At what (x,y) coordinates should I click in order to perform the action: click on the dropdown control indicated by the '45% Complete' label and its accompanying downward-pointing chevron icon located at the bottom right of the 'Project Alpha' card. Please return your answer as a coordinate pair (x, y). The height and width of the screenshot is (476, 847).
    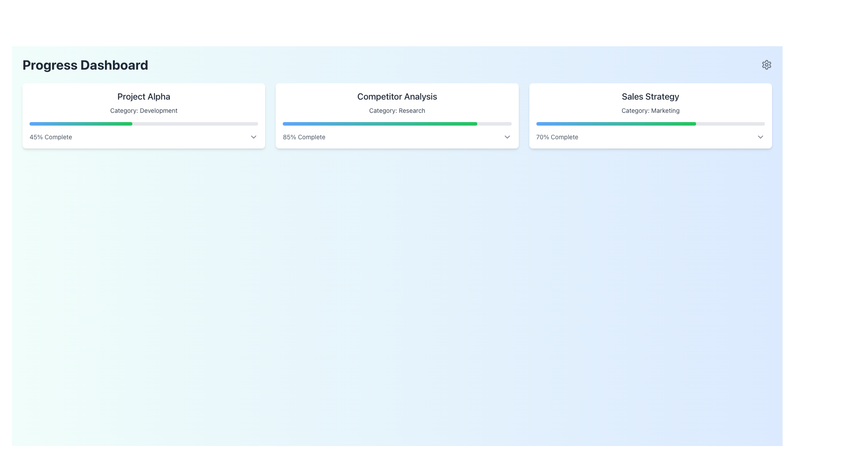
    Looking at the image, I should click on (144, 137).